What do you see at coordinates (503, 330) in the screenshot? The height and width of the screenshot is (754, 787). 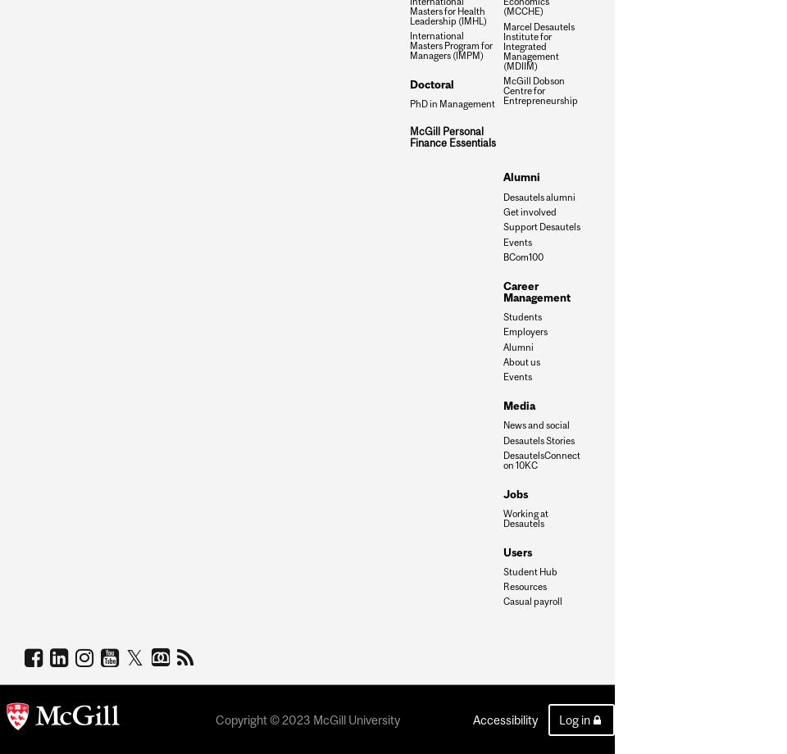 I see `'Employers'` at bounding box center [503, 330].